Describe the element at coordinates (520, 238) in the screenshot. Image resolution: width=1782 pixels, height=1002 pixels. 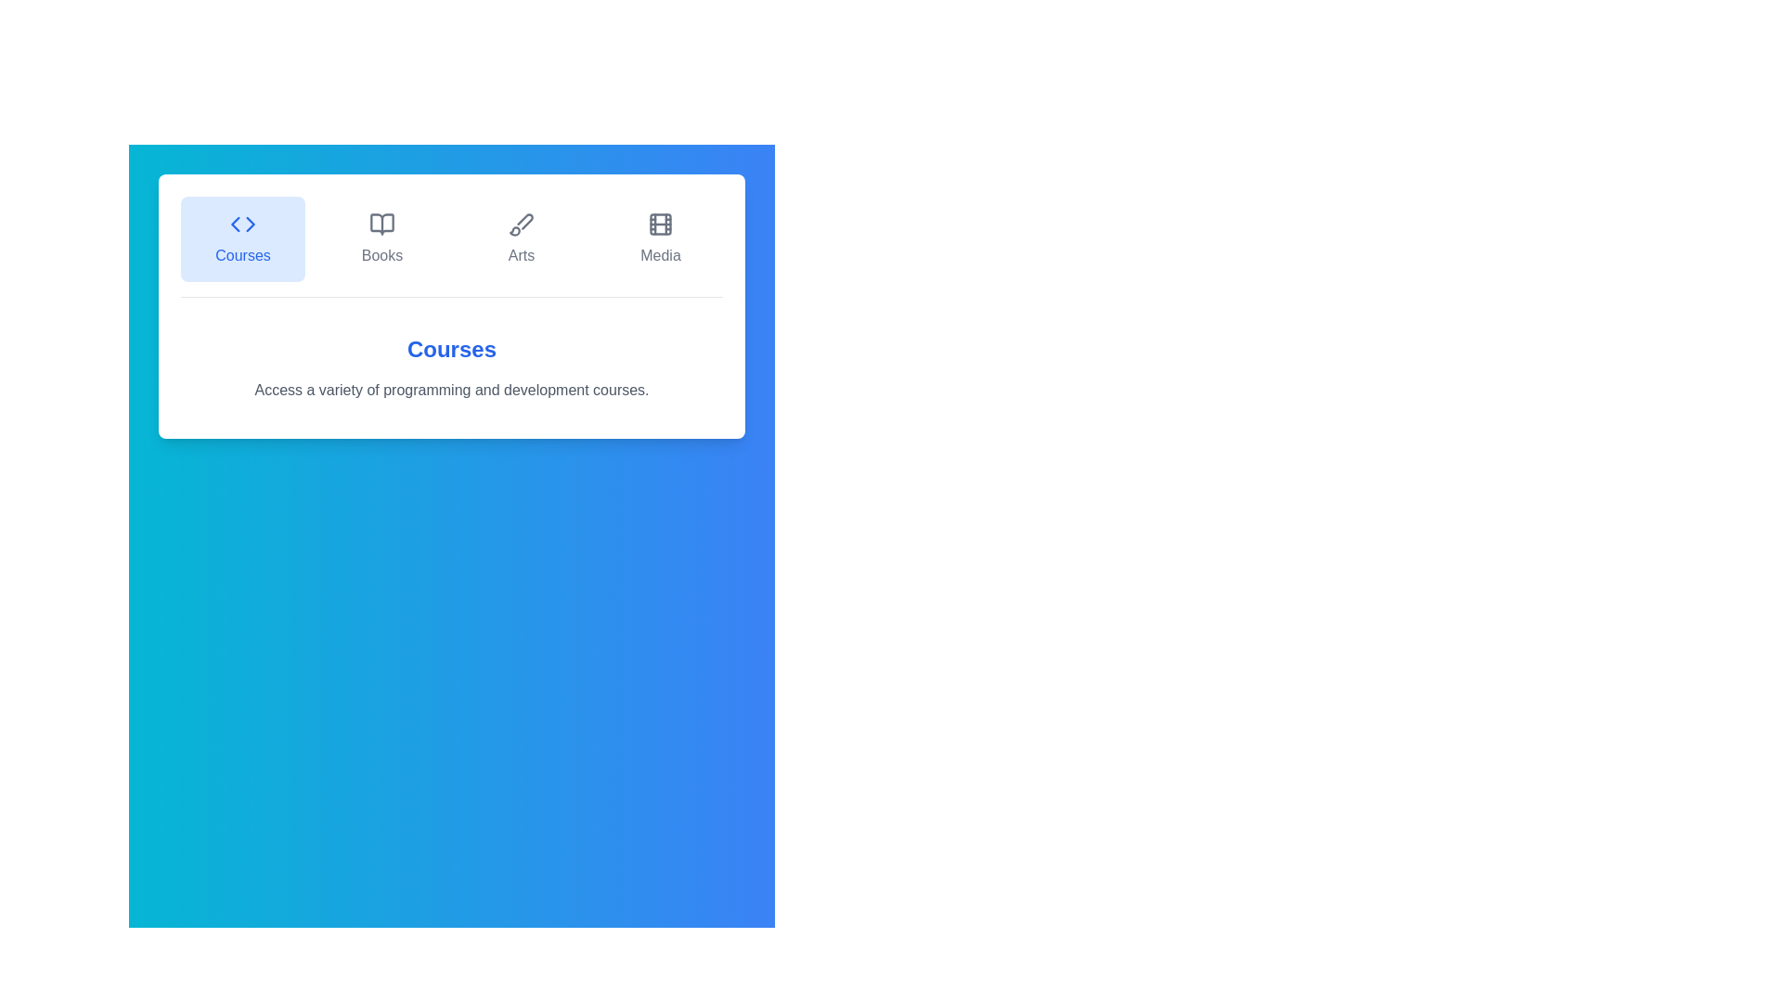
I see `the tab labeled Arts` at that location.